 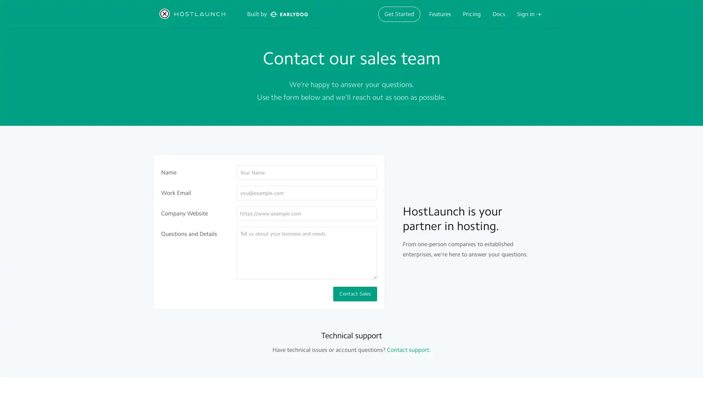 What do you see at coordinates (529, 14) in the screenshot?
I see `Sign in` at bounding box center [529, 14].